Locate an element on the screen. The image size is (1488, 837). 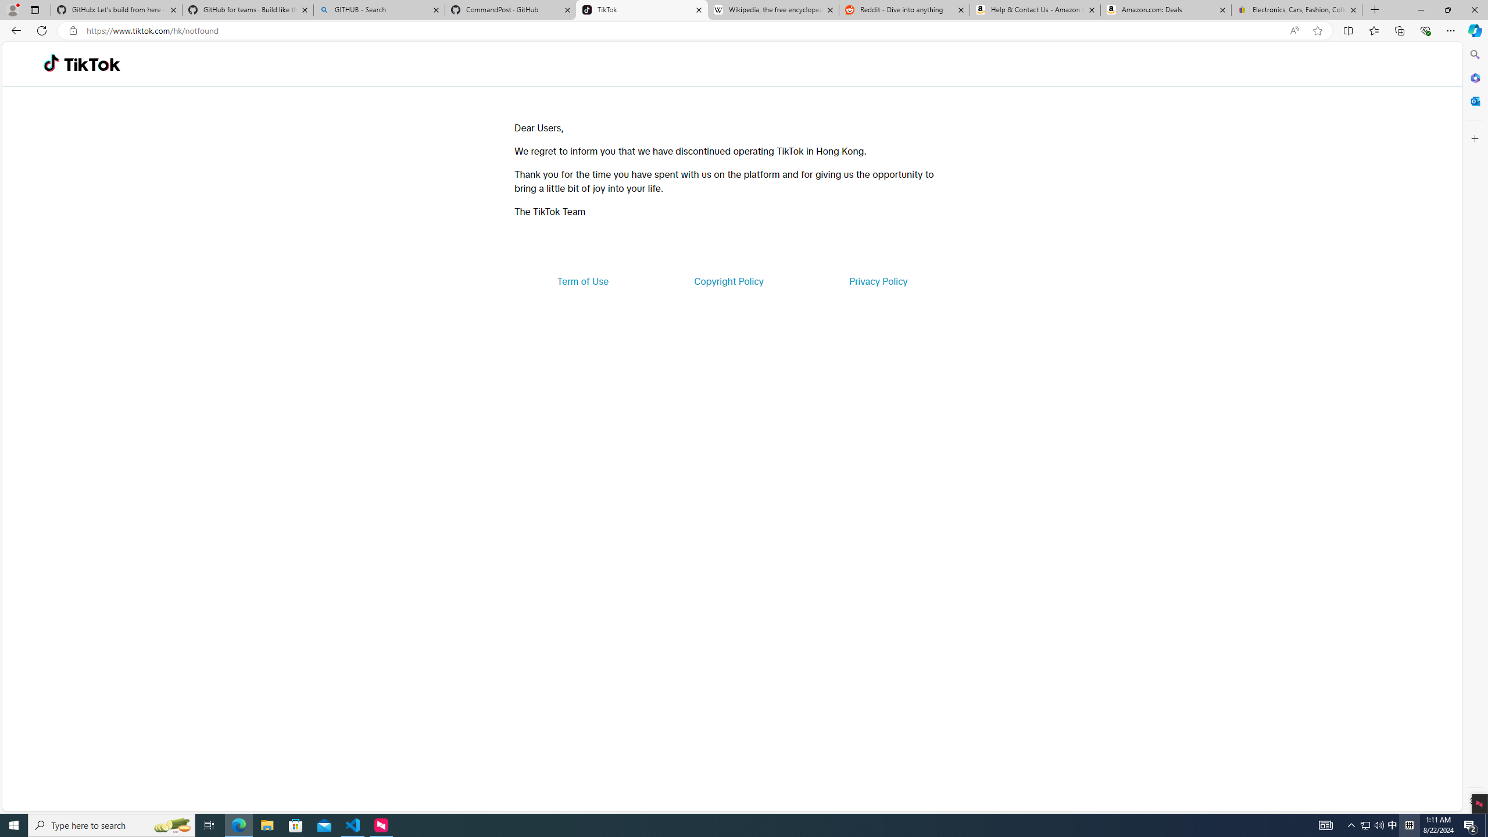
'Customize' is located at coordinates (1473, 138).